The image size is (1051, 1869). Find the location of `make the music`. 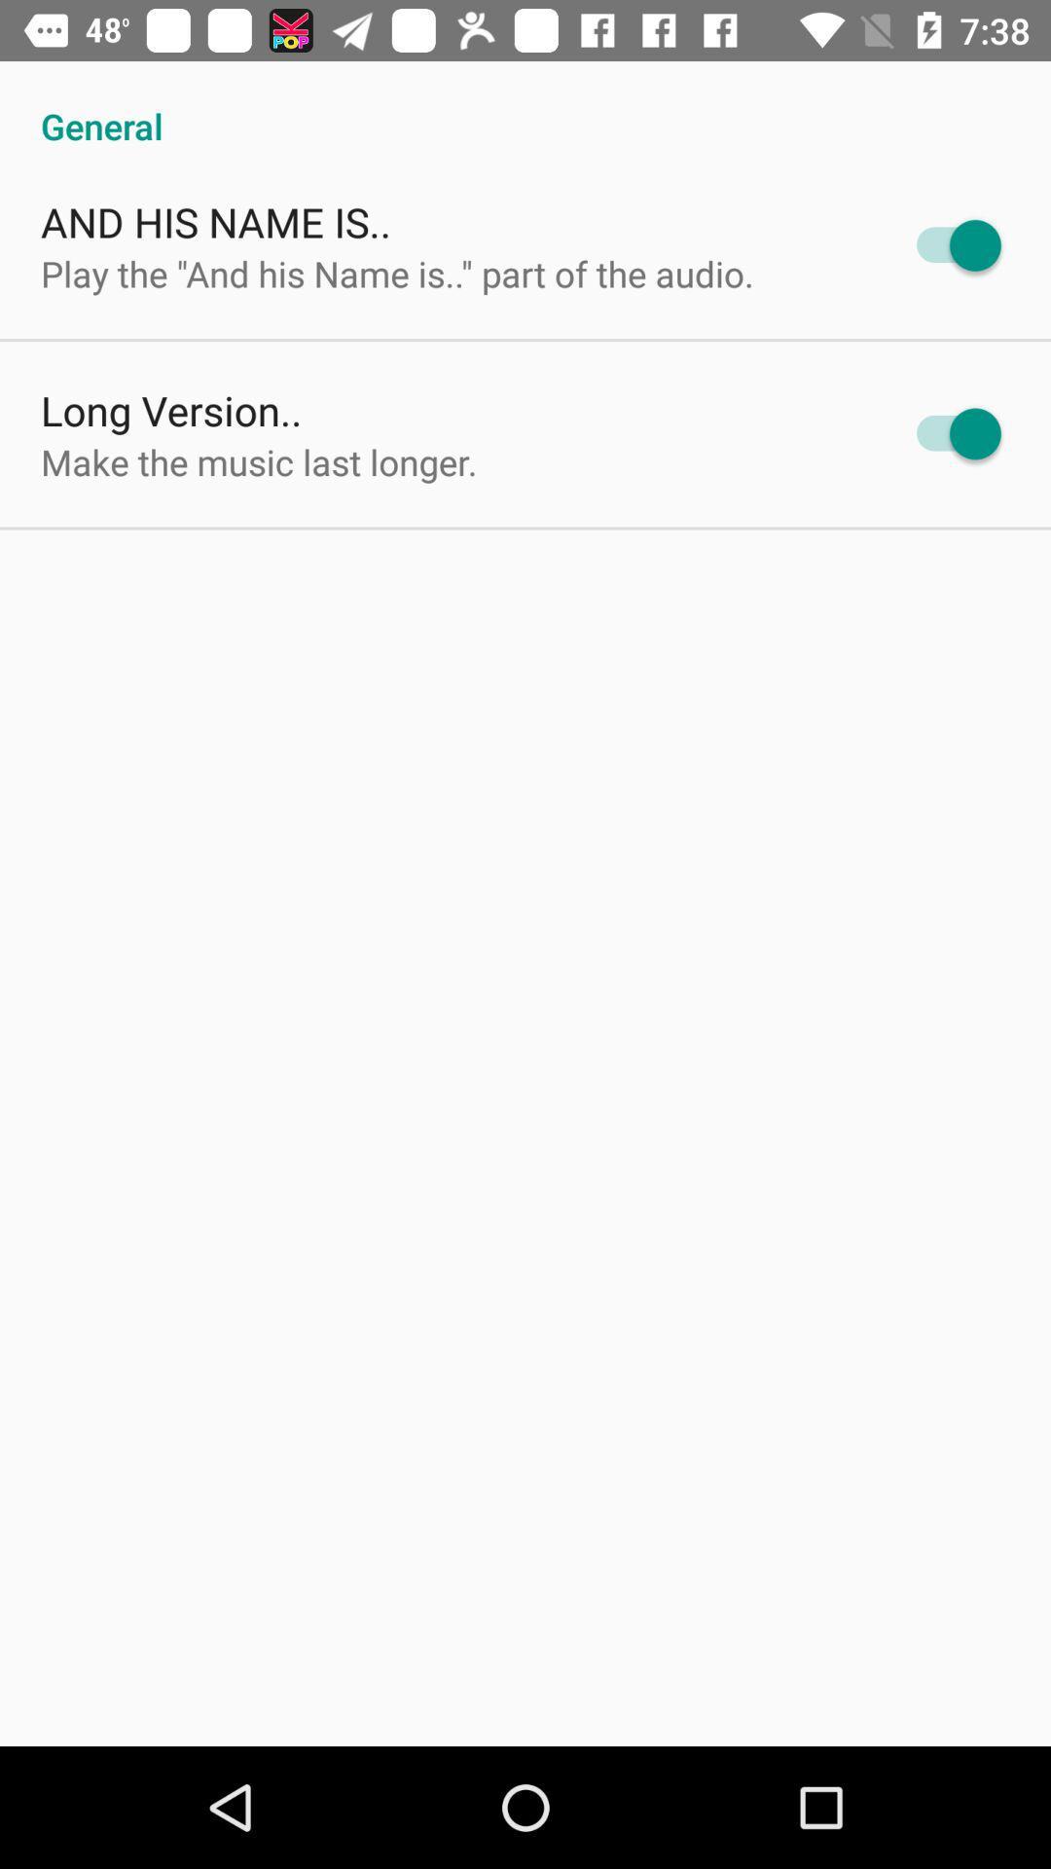

make the music is located at coordinates (258, 460).